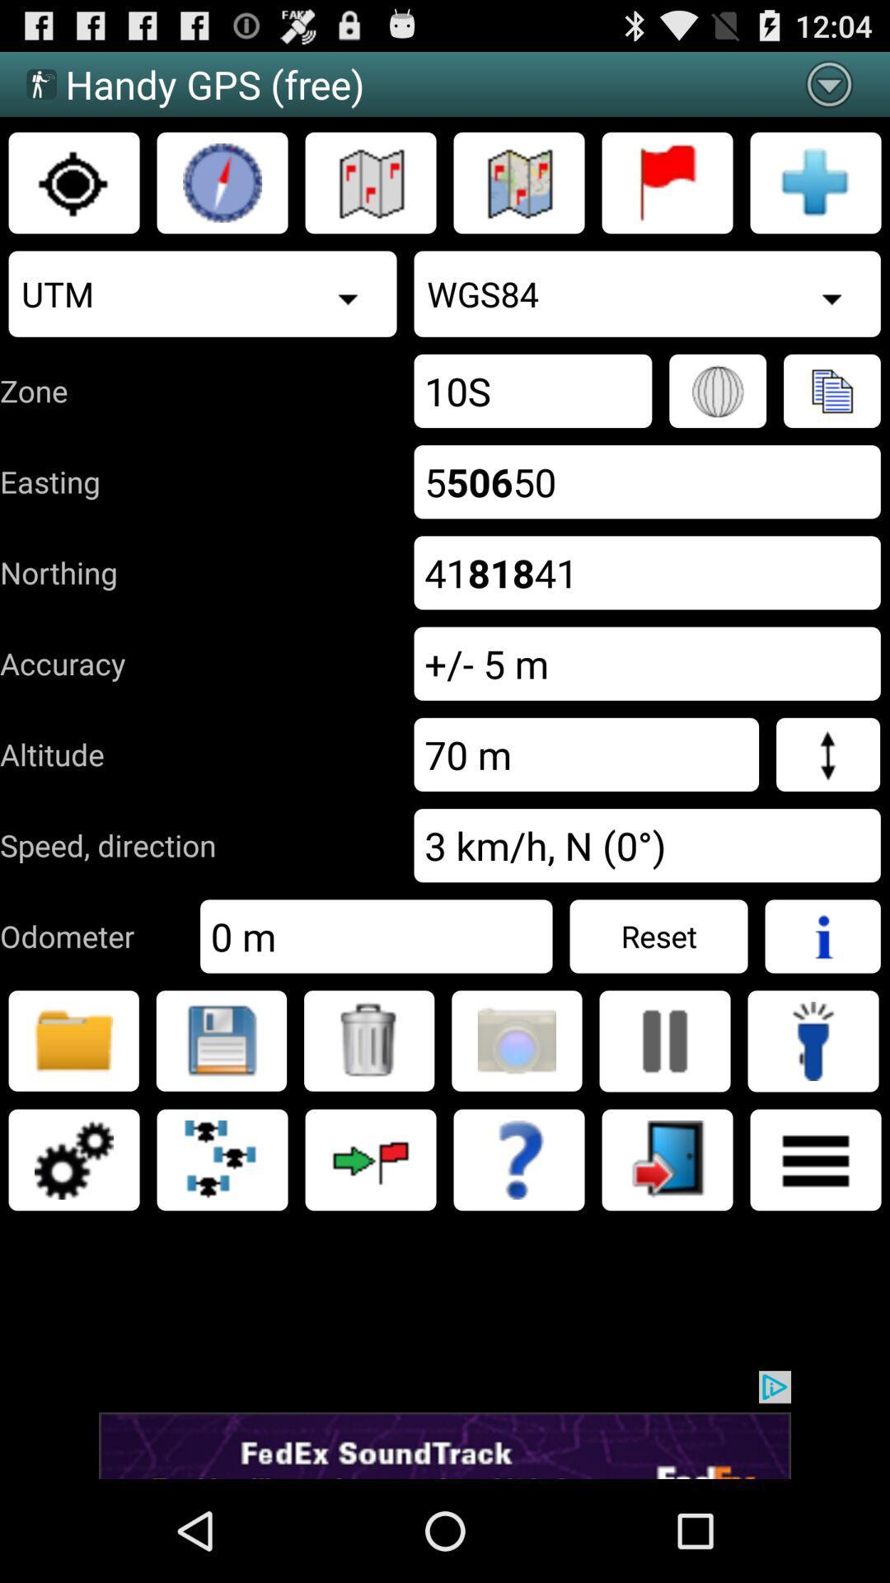 The height and width of the screenshot is (1583, 890). I want to click on map button, so click(518, 182).